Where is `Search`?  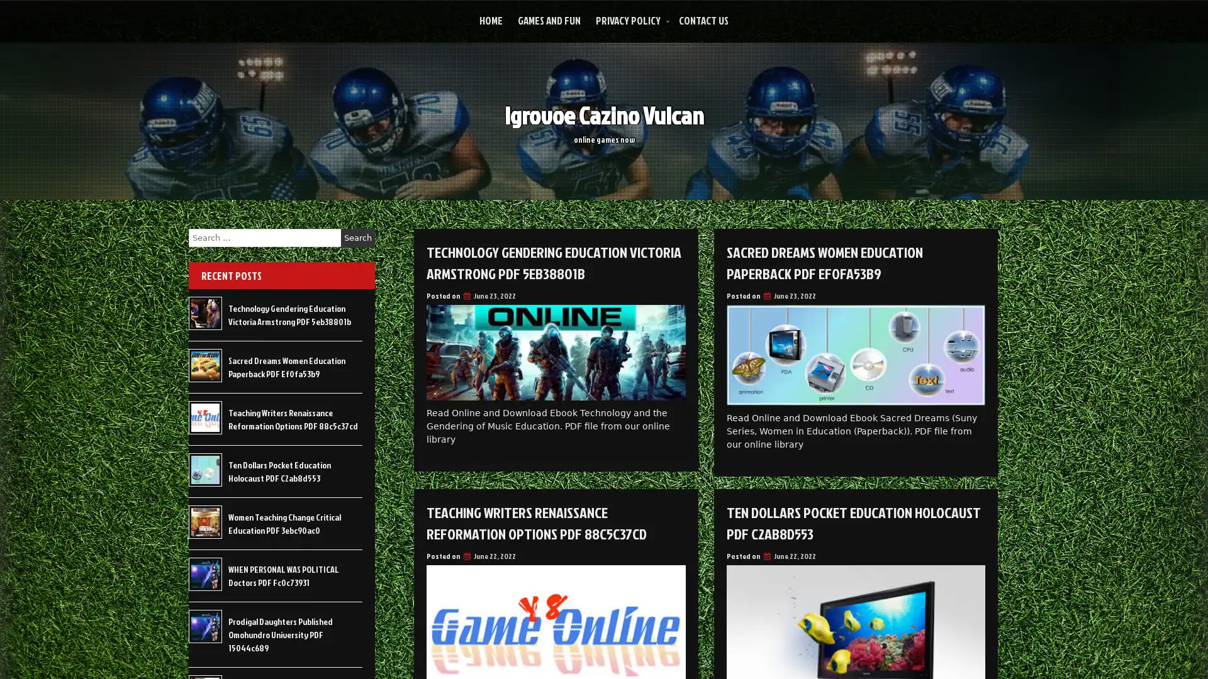
Search is located at coordinates (357, 238).